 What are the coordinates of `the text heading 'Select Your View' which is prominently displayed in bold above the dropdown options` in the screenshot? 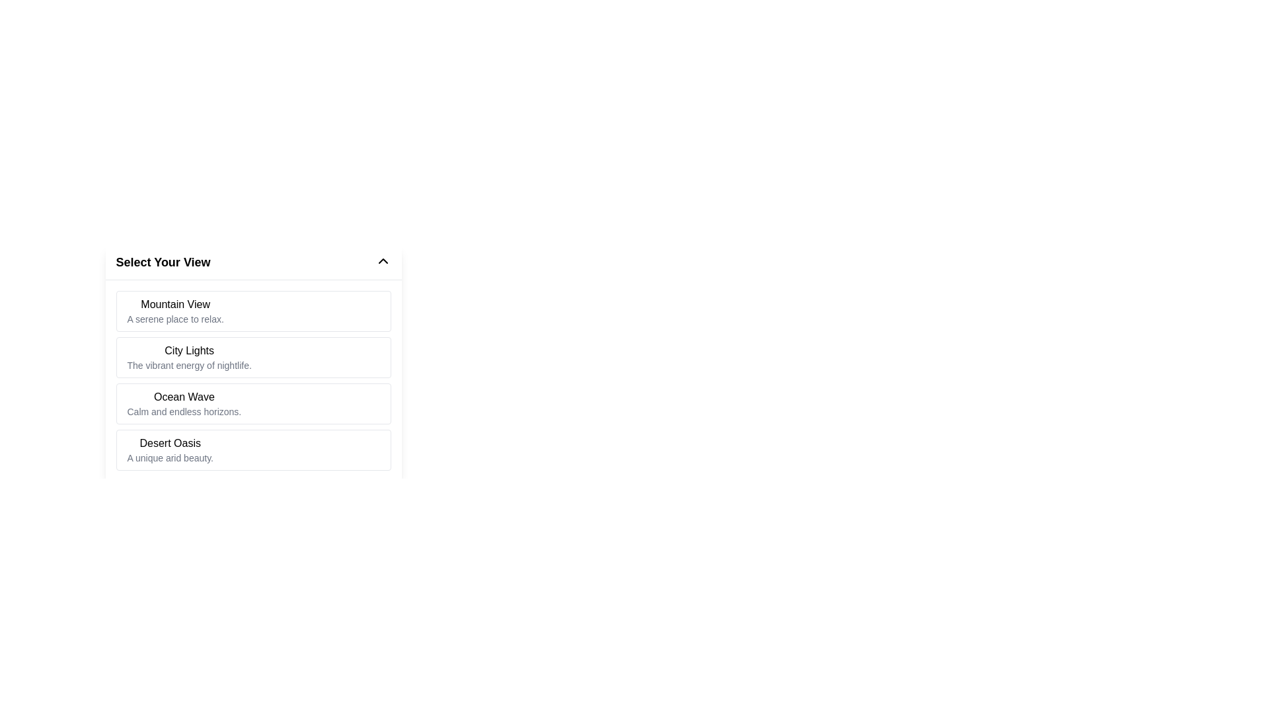 It's located at (163, 262).